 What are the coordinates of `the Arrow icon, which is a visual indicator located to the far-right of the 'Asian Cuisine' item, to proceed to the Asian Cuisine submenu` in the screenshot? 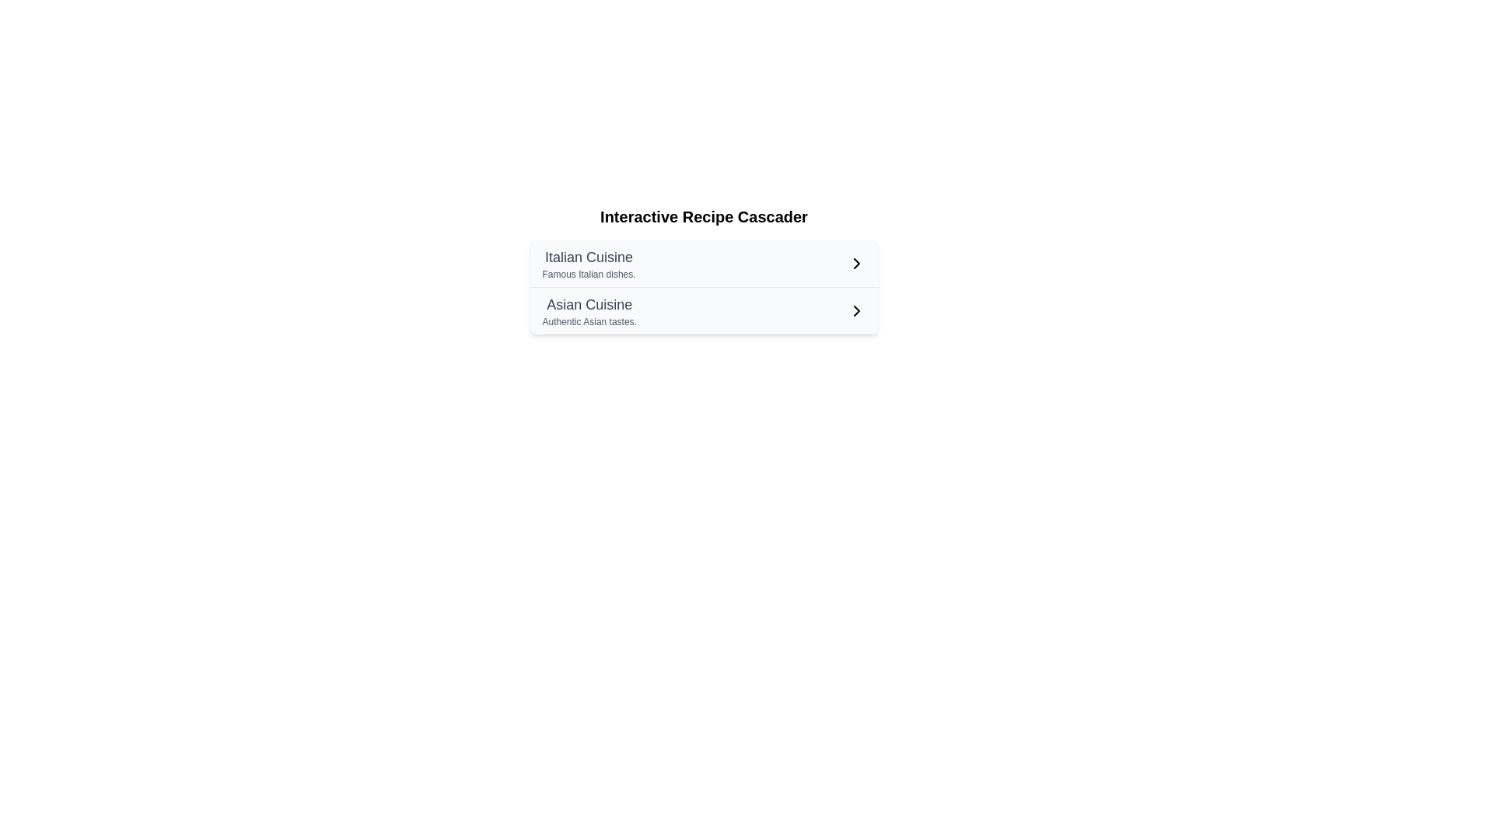 It's located at (855, 311).